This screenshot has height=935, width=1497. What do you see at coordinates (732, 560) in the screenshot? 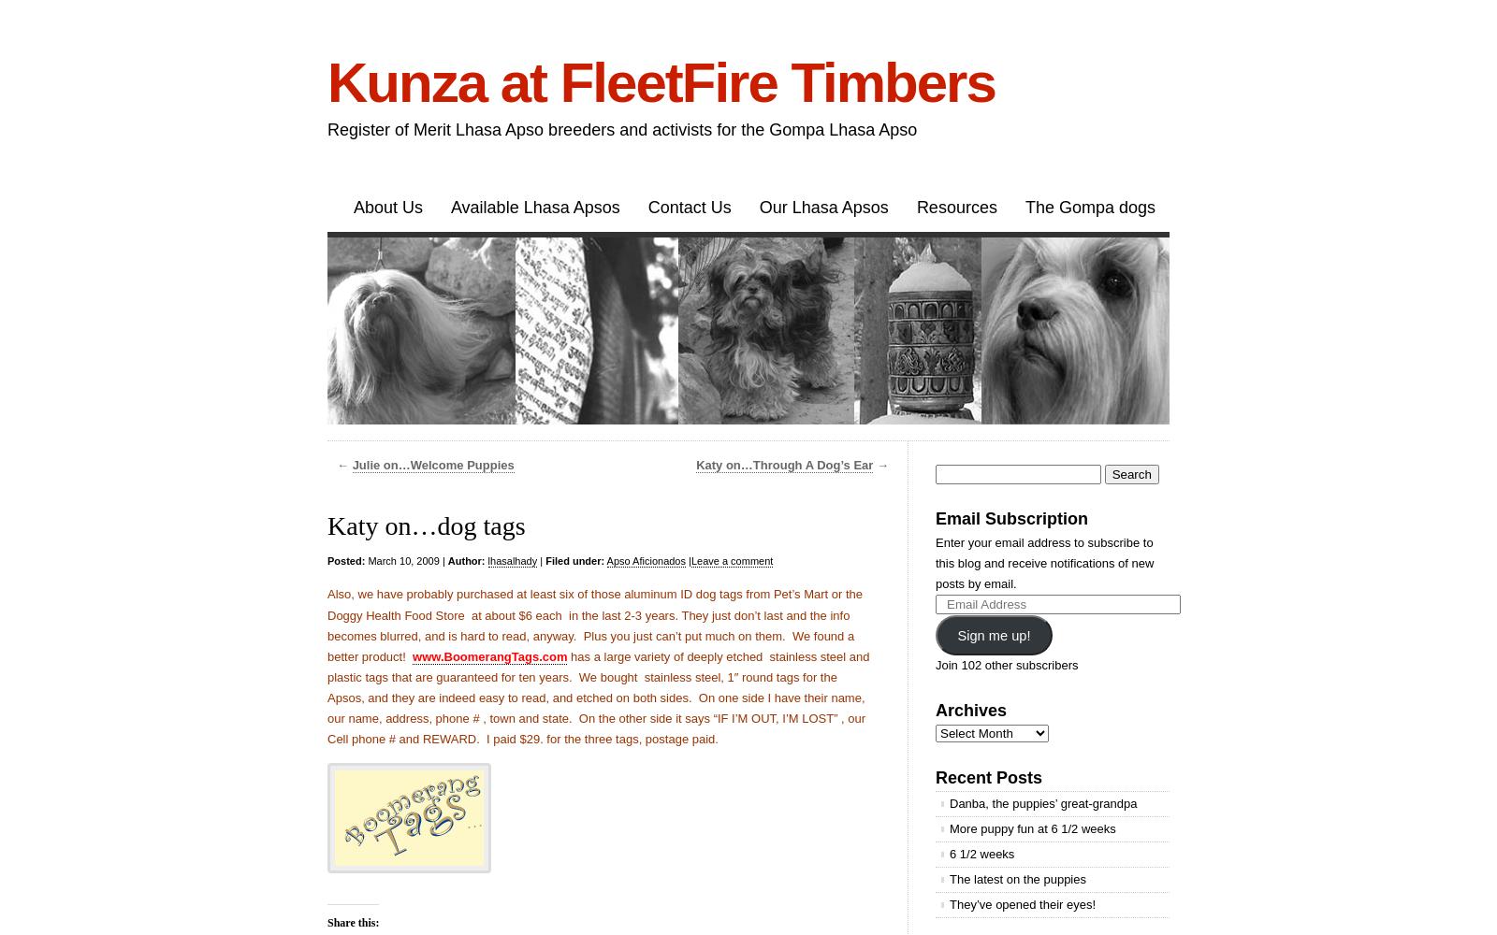
I see `'Leave a comment'` at bounding box center [732, 560].